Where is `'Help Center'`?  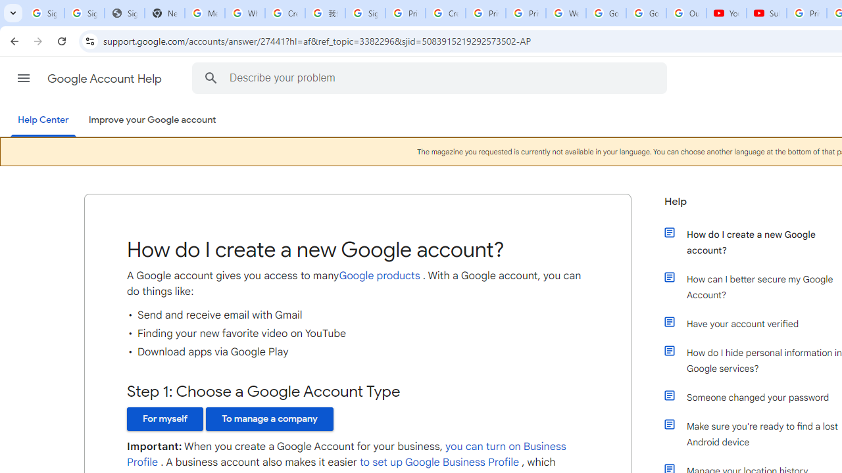
'Help Center' is located at coordinates (43, 120).